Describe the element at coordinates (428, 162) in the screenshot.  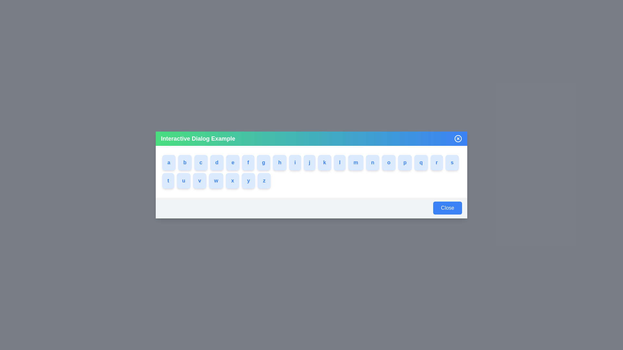
I see `the button labeled with q` at that location.